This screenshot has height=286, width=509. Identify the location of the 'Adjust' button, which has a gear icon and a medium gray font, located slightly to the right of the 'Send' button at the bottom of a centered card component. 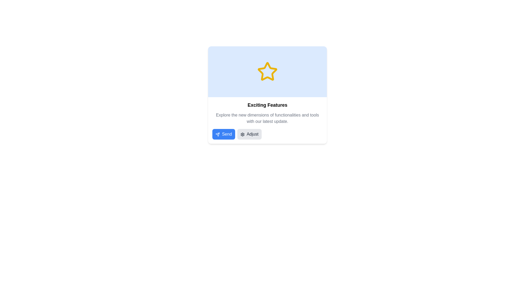
(249, 134).